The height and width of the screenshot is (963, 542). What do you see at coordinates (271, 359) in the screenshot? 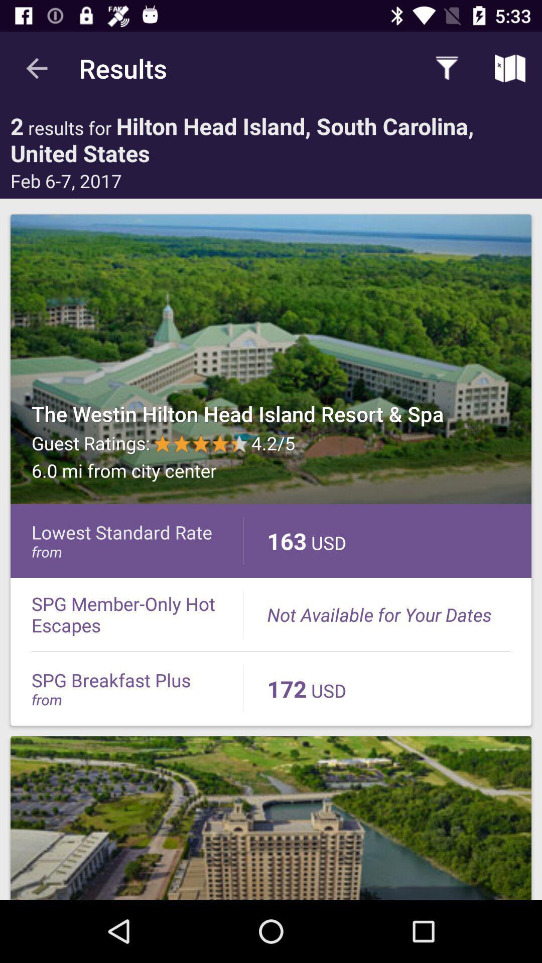
I see `option` at bounding box center [271, 359].